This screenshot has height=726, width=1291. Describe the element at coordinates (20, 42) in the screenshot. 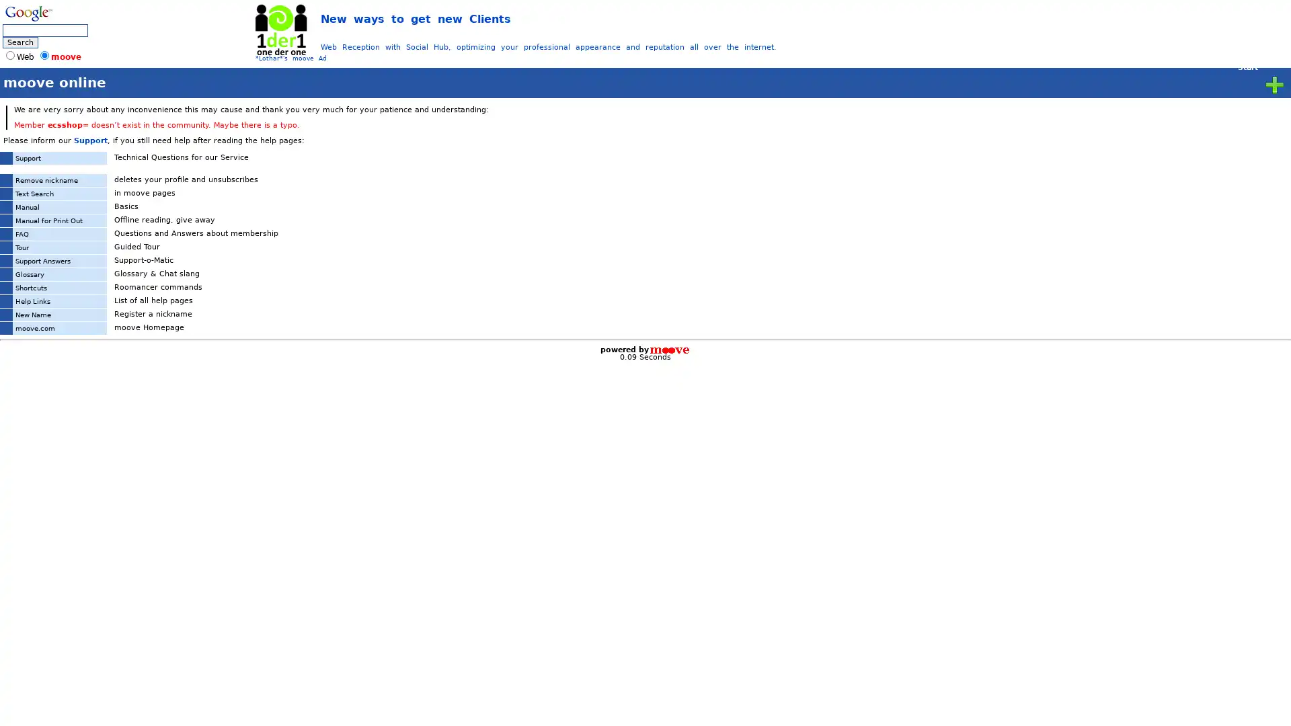

I see `Search` at that location.